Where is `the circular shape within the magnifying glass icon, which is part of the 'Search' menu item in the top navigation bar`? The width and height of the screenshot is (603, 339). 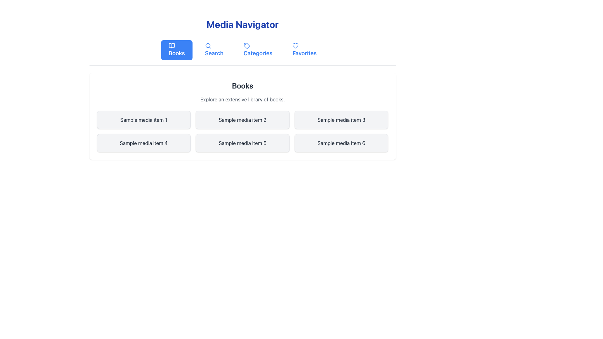
the circular shape within the magnifying glass icon, which is part of the 'Search' menu item in the top navigation bar is located at coordinates (208, 45).